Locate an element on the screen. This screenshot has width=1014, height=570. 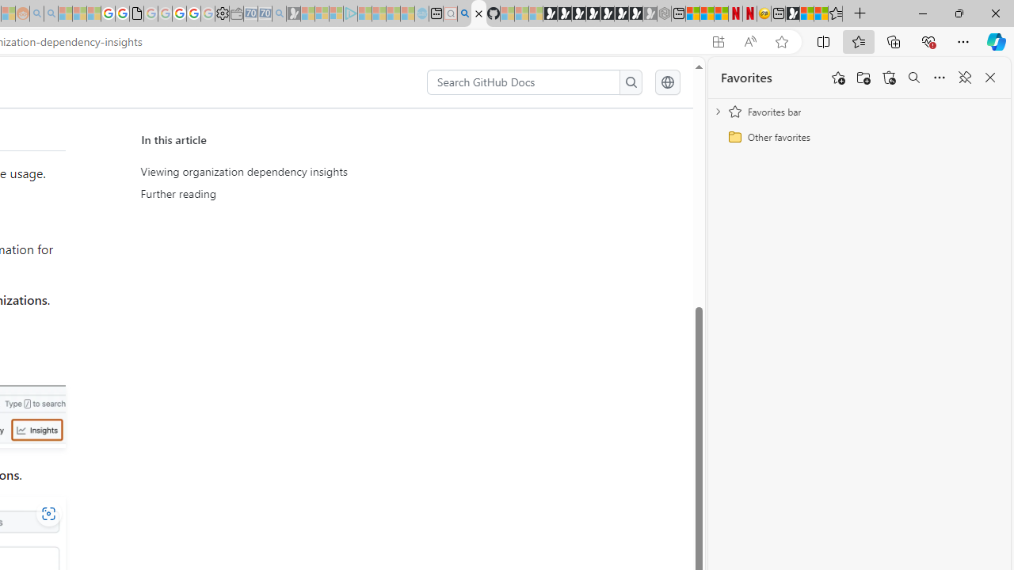
'Restore deleted favorites' is located at coordinates (889, 78).